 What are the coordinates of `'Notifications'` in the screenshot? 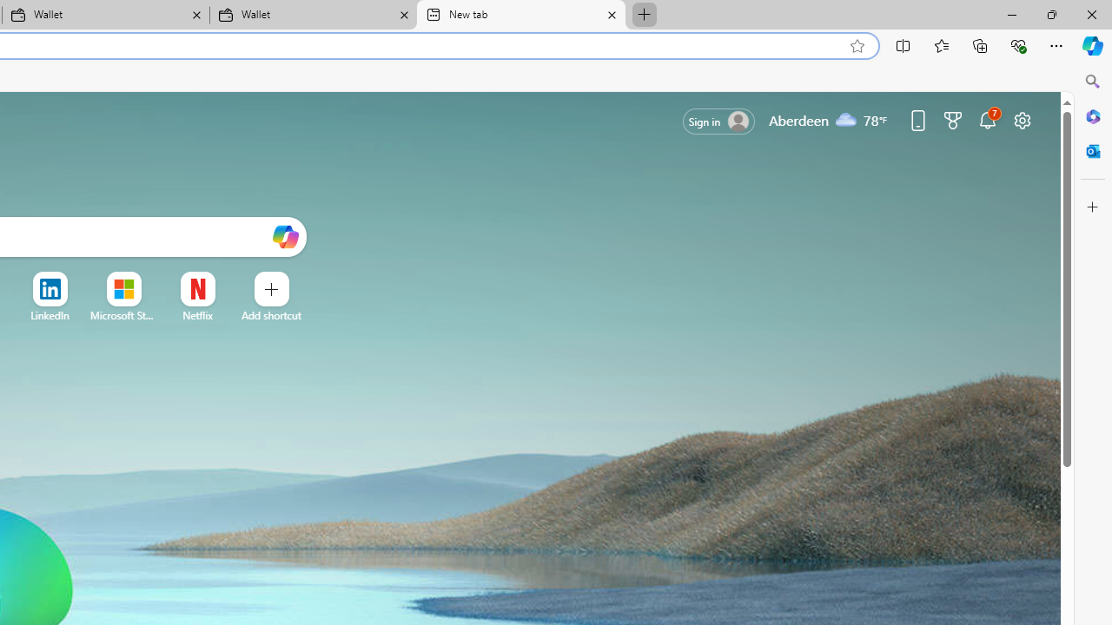 It's located at (988, 119).